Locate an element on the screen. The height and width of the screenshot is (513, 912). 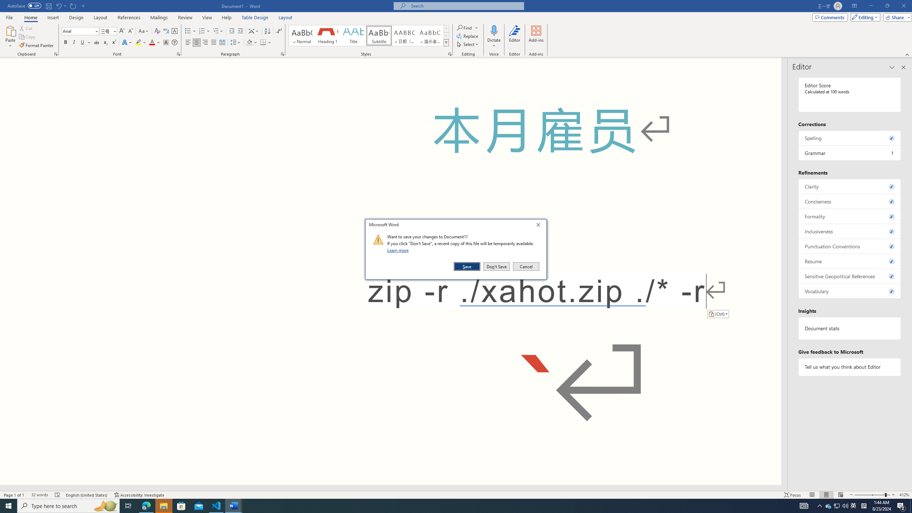
'Resume, 0 issues. Press space or enter to review items.' is located at coordinates (849, 261).